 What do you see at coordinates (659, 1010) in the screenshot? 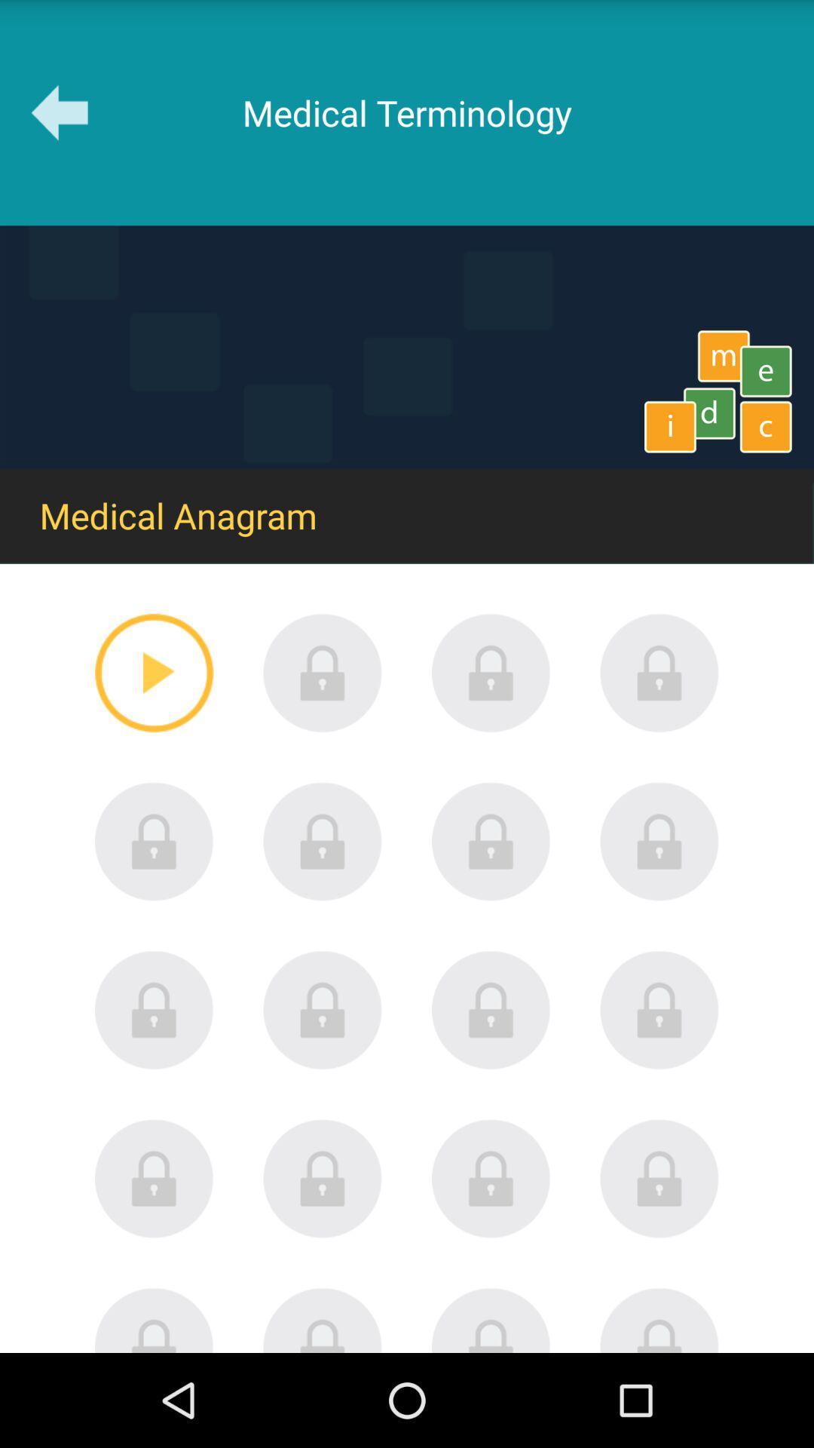
I see `password` at bounding box center [659, 1010].